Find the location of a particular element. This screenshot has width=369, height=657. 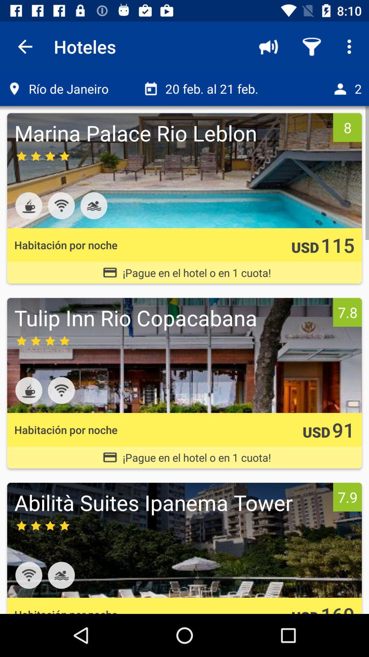

the icon above the 20 feb al icon is located at coordinates (311, 46).